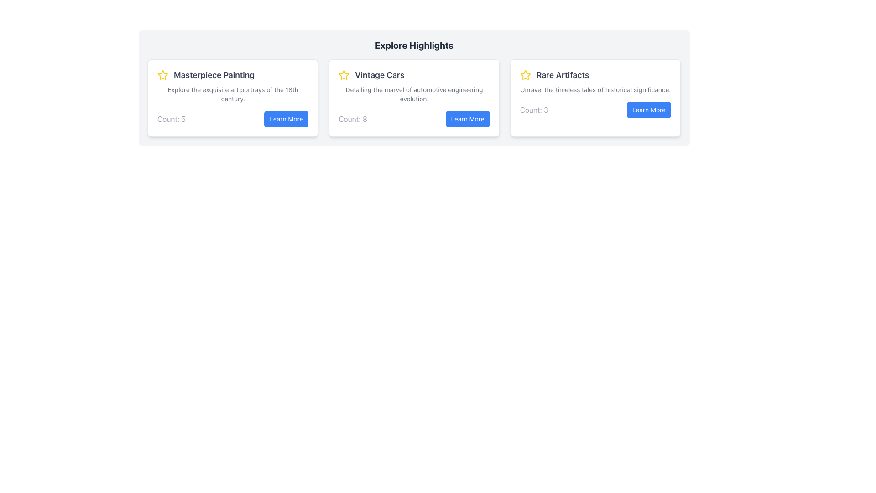 This screenshot has height=493, width=876. I want to click on the decorative icon at the top of the 'Vintage Cars' card, which symbolizes the card's content category, so click(162, 74).